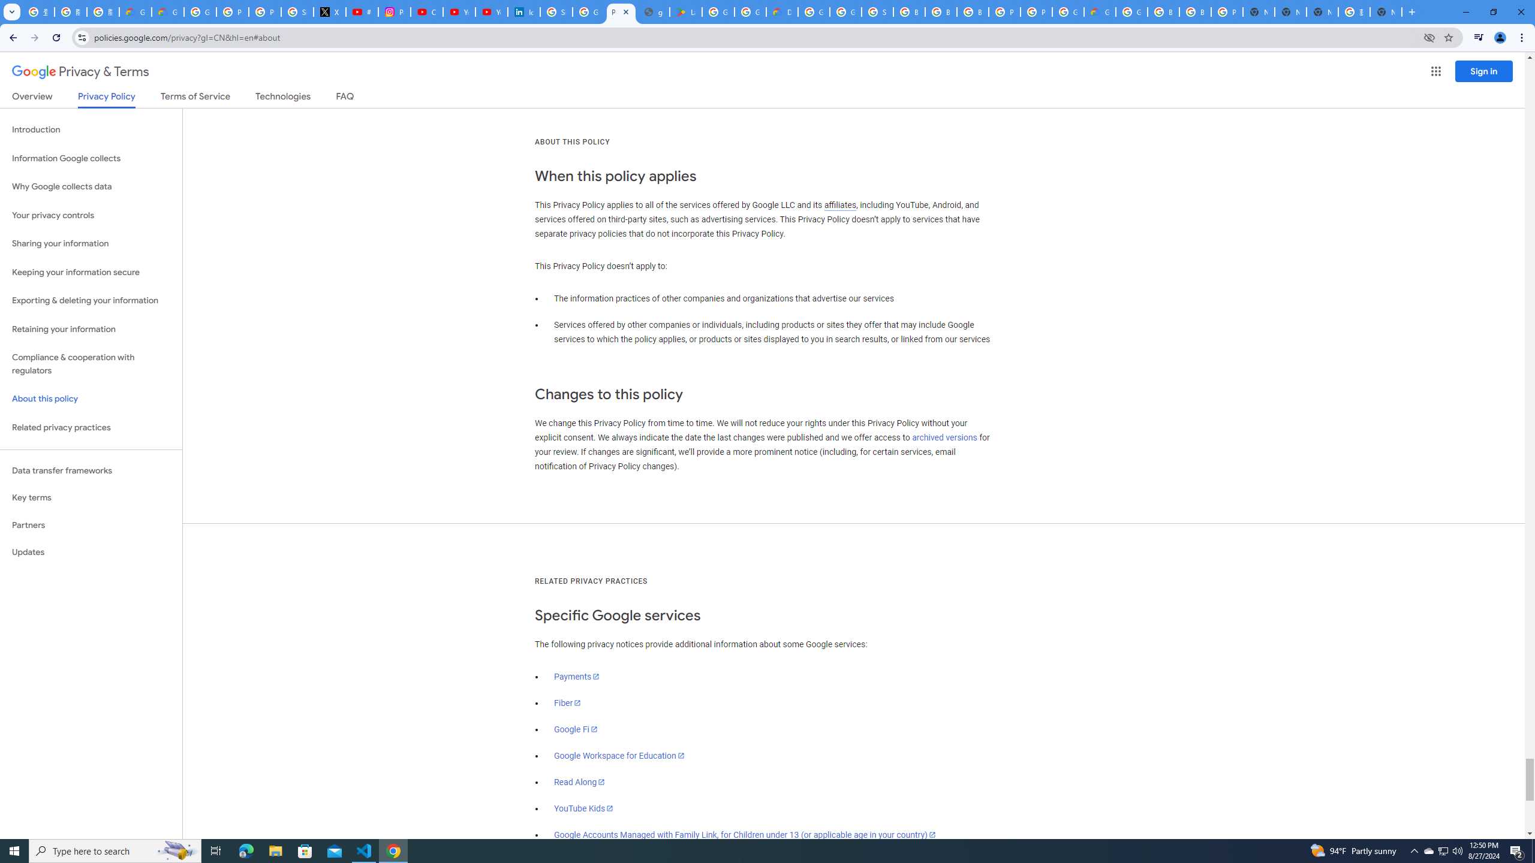 The height and width of the screenshot is (863, 1535). I want to click on 'Why Google collects data', so click(91, 186).